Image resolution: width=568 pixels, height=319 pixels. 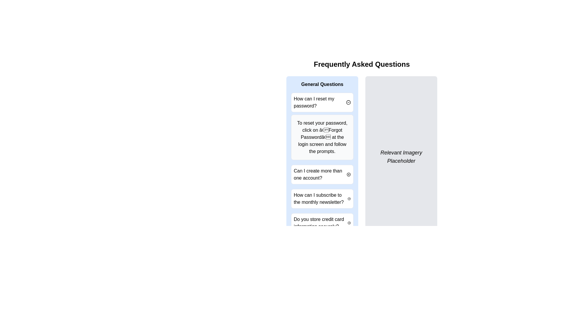 I want to click on the Text Label that serves as the header for the FAQ section, indicating the general topic or category of the questions listed below, so click(x=322, y=84).